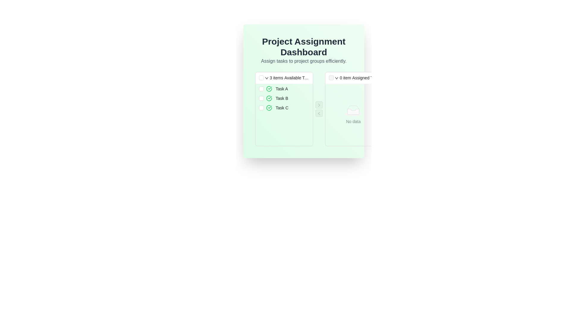 The height and width of the screenshot is (321, 571). I want to click on the checkbox located at the top left of the '3 items Available Tasks' list, so click(261, 78).